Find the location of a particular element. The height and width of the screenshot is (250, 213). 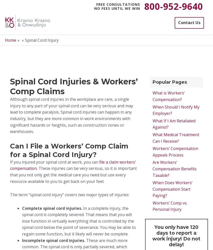

'You only have 120 days to report a work injury! Do not delay!' is located at coordinates (152, 236).